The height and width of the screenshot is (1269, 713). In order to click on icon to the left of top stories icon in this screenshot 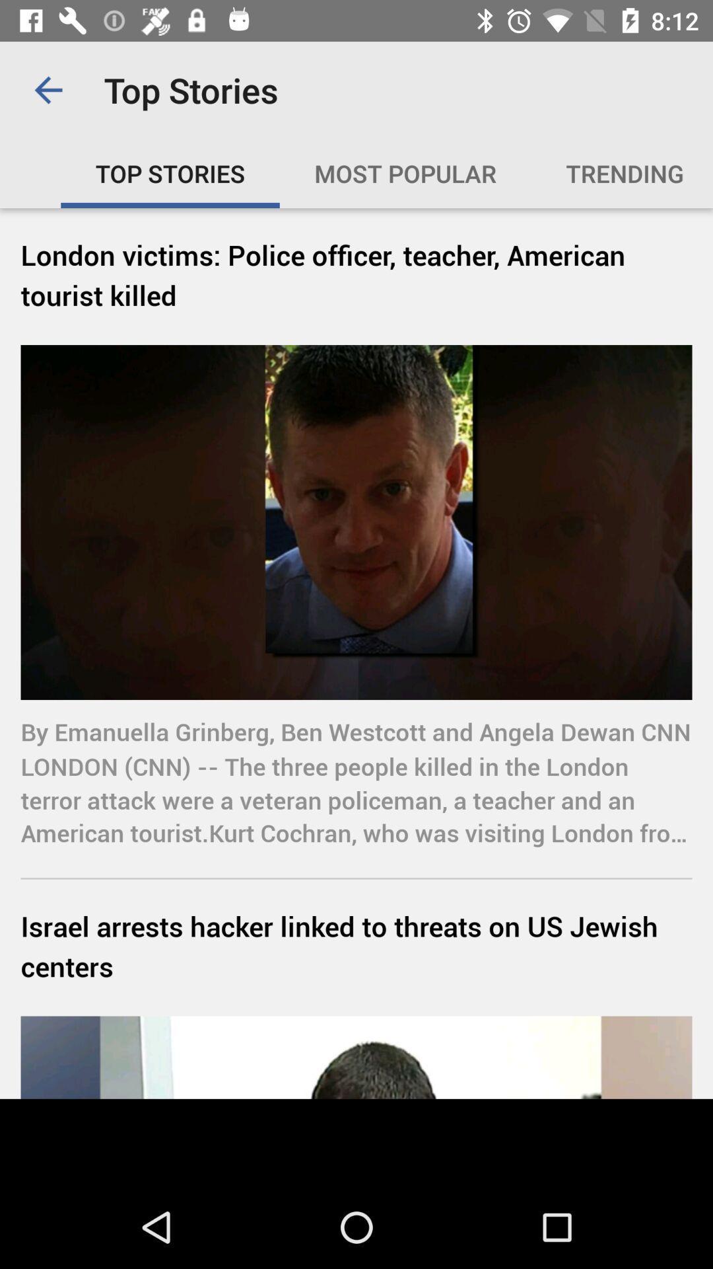, I will do `click(48, 89)`.